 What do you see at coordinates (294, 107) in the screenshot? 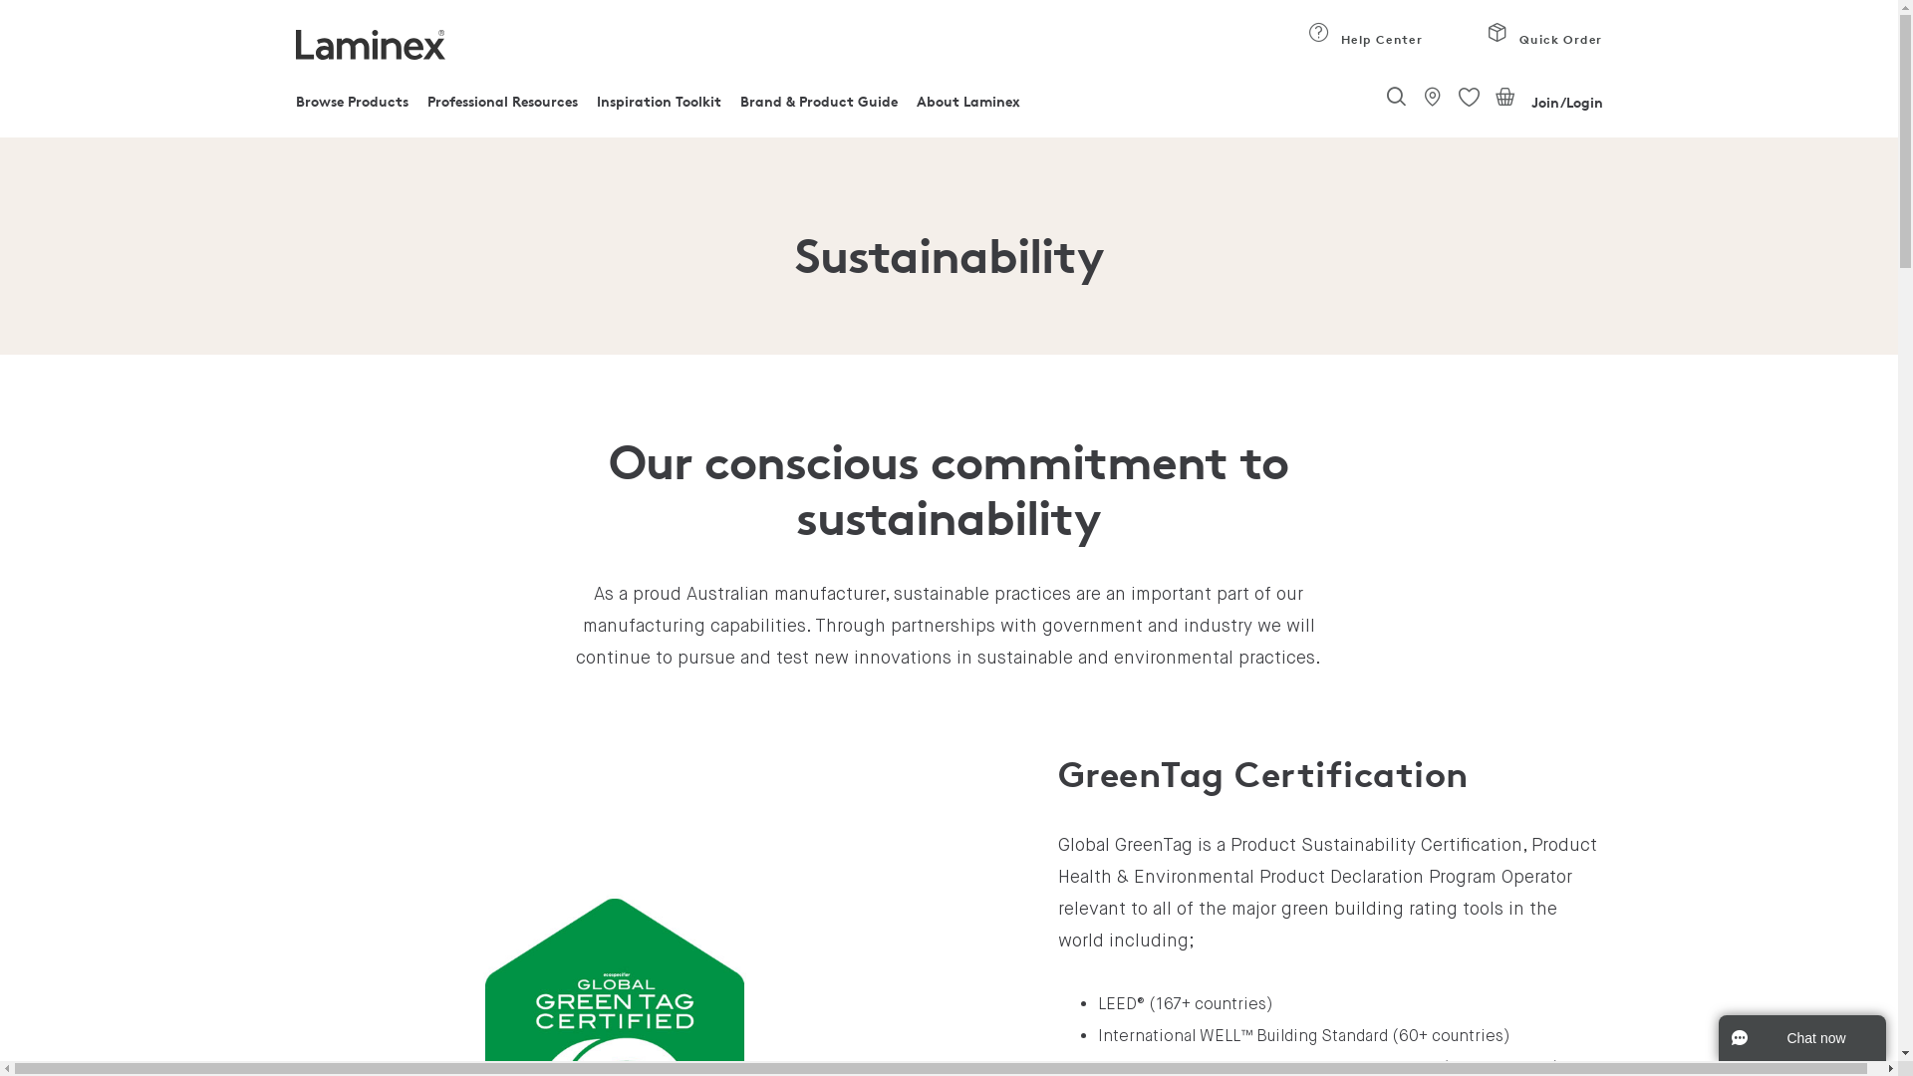
I see `'Browse Products'` at bounding box center [294, 107].